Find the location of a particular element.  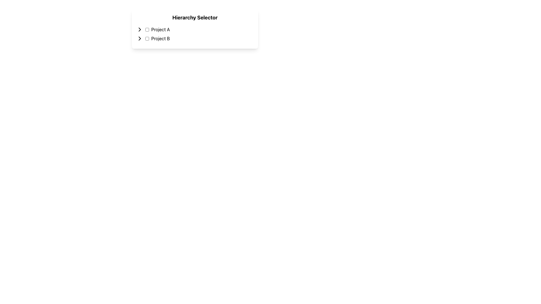

the rightward arrow button styled as a chevron, located to the left of the text 'Project A' is located at coordinates (139, 29).